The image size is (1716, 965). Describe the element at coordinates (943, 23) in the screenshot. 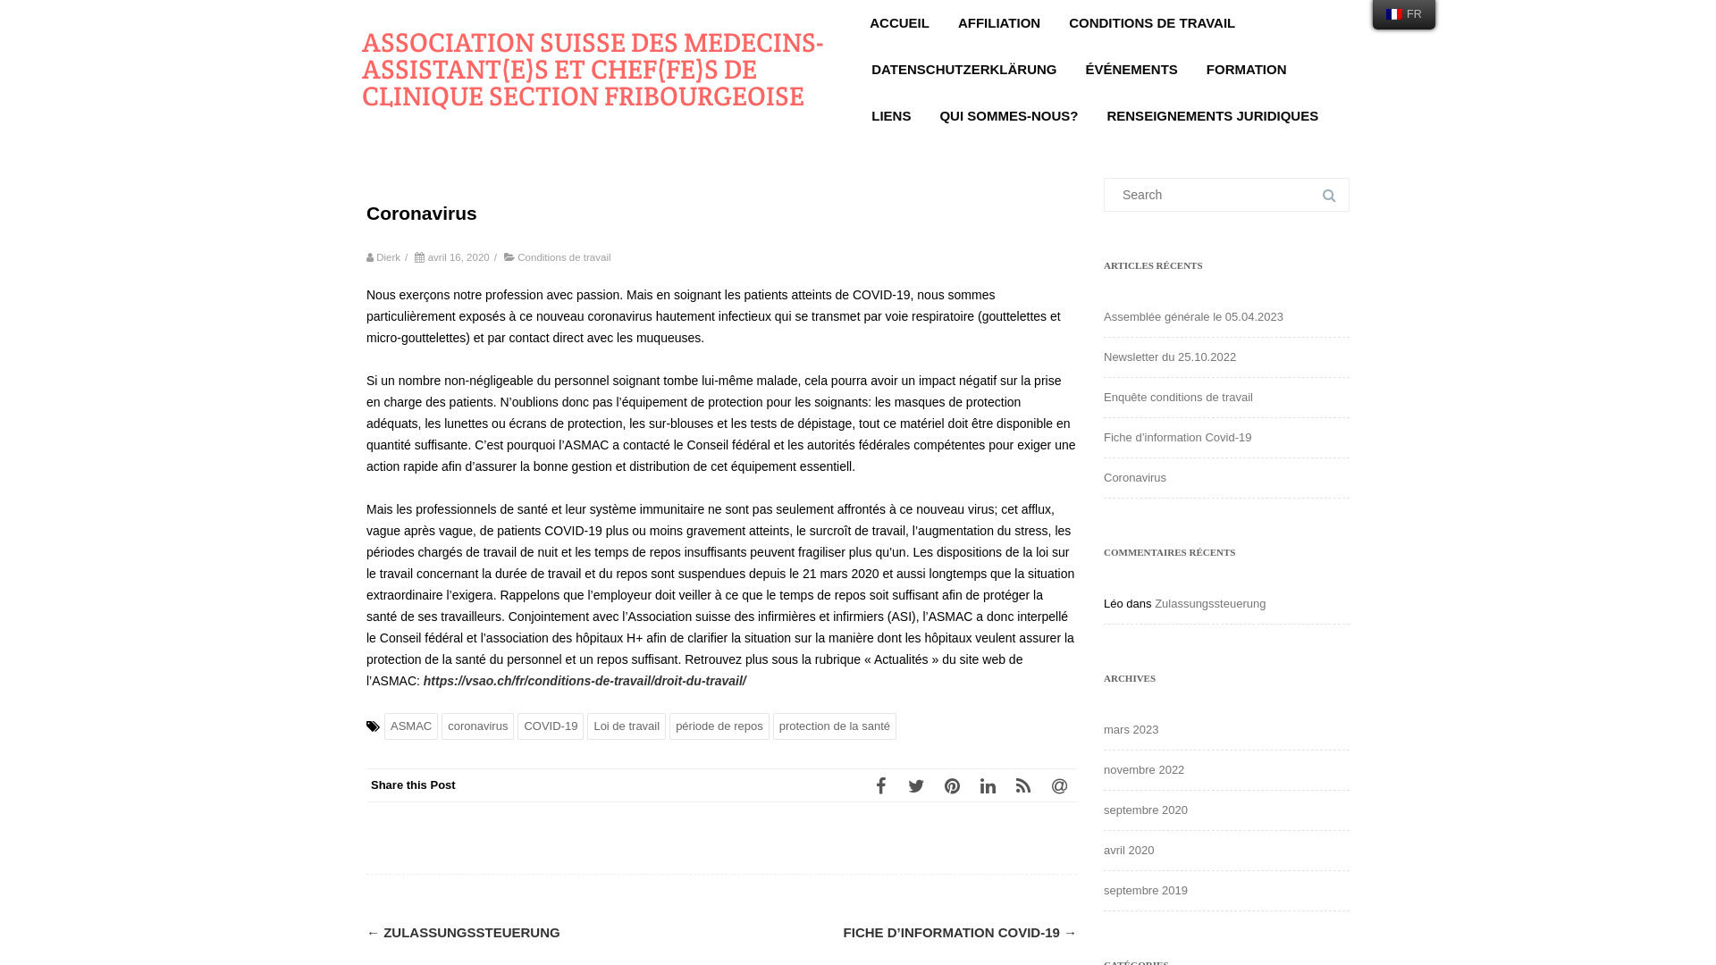

I see `'AFFILIATION'` at that location.